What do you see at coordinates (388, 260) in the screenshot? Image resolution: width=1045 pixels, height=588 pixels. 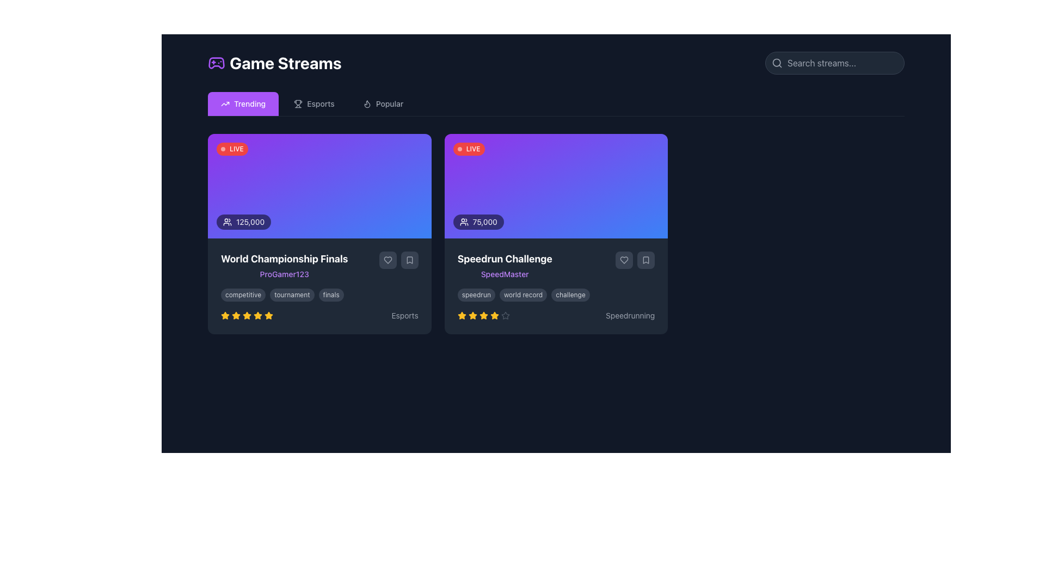 I see `the 'like' or 'favorite' button located in the bottom-right corner of the 'World Championship Finals' game stream card to mark the stream as favored` at bounding box center [388, 260].